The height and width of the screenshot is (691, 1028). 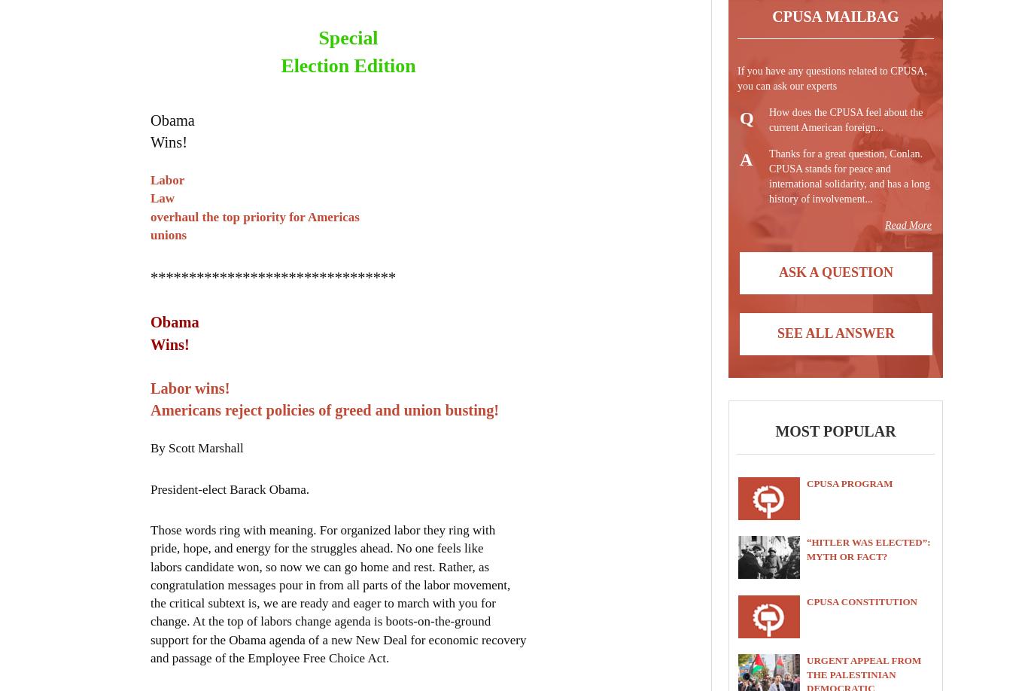 I want to click on 'change. At the top of labors change agenda is boots-on-the-ground', so click(x=320, y=620).